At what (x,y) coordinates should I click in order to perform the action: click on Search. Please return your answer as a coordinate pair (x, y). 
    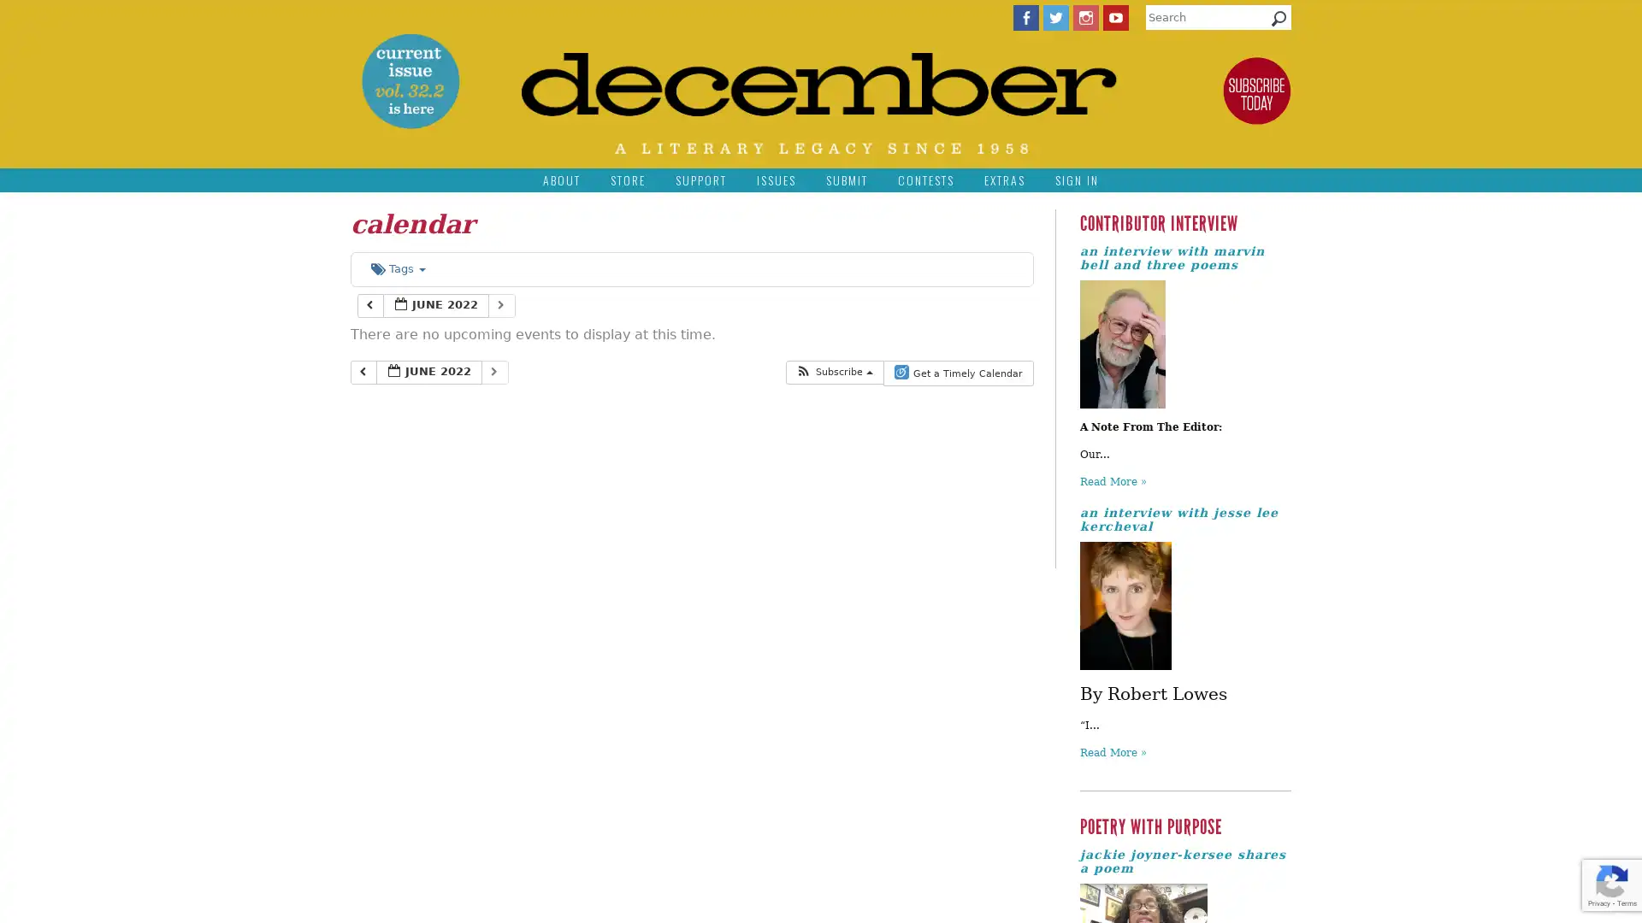
    Looking at the image, I should click on (1279, 22).